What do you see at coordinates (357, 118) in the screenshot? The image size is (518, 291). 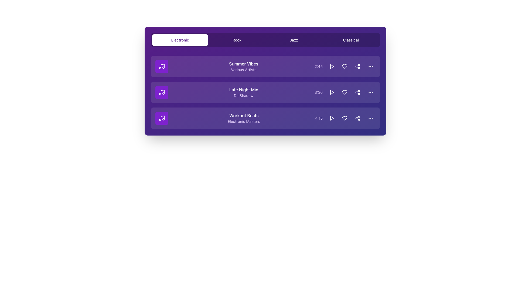 I see `the share button located in the rightmost region of the 'Workout Beats' track row` at bounding box center [357, 118].